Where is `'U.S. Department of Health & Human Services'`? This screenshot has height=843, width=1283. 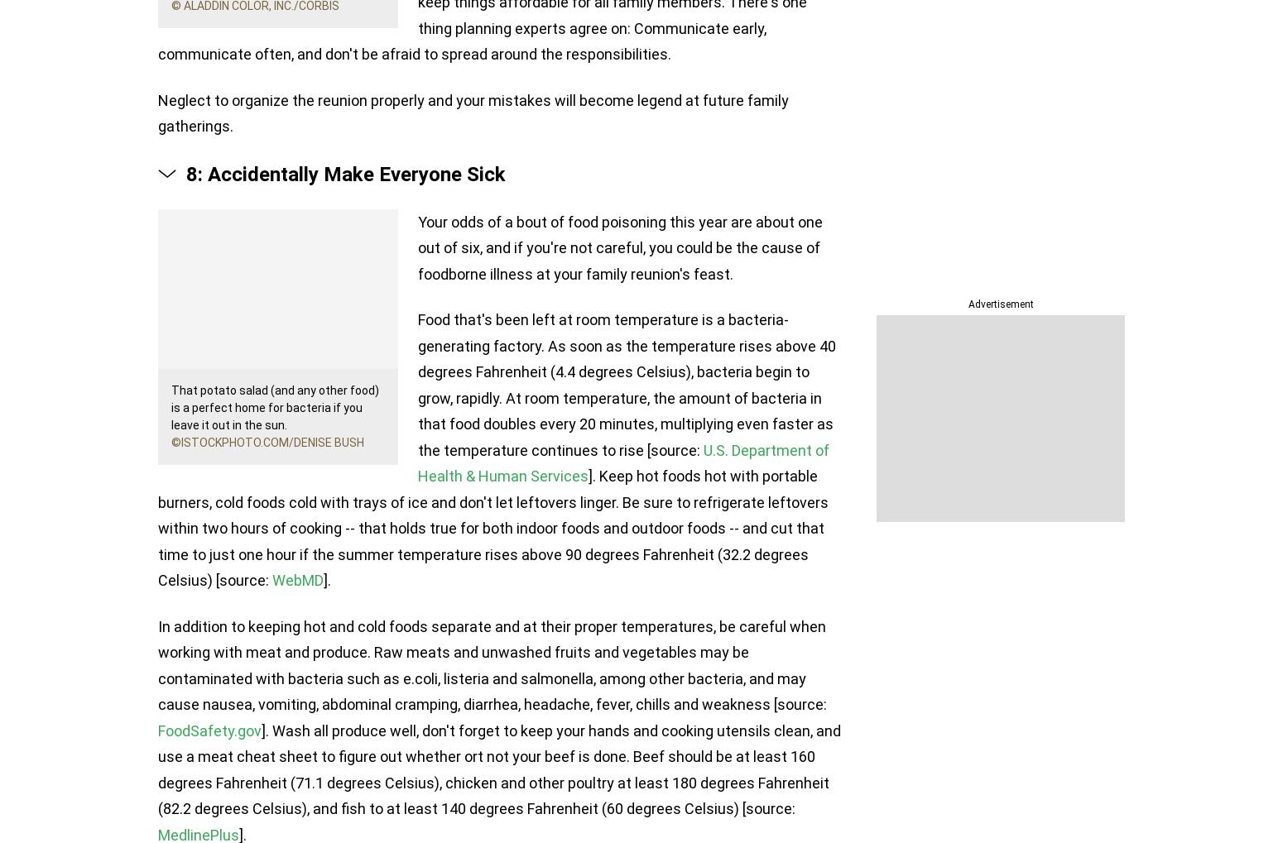 'U.S. Department of Health & Human Services' is located at coordinates (623, 462).